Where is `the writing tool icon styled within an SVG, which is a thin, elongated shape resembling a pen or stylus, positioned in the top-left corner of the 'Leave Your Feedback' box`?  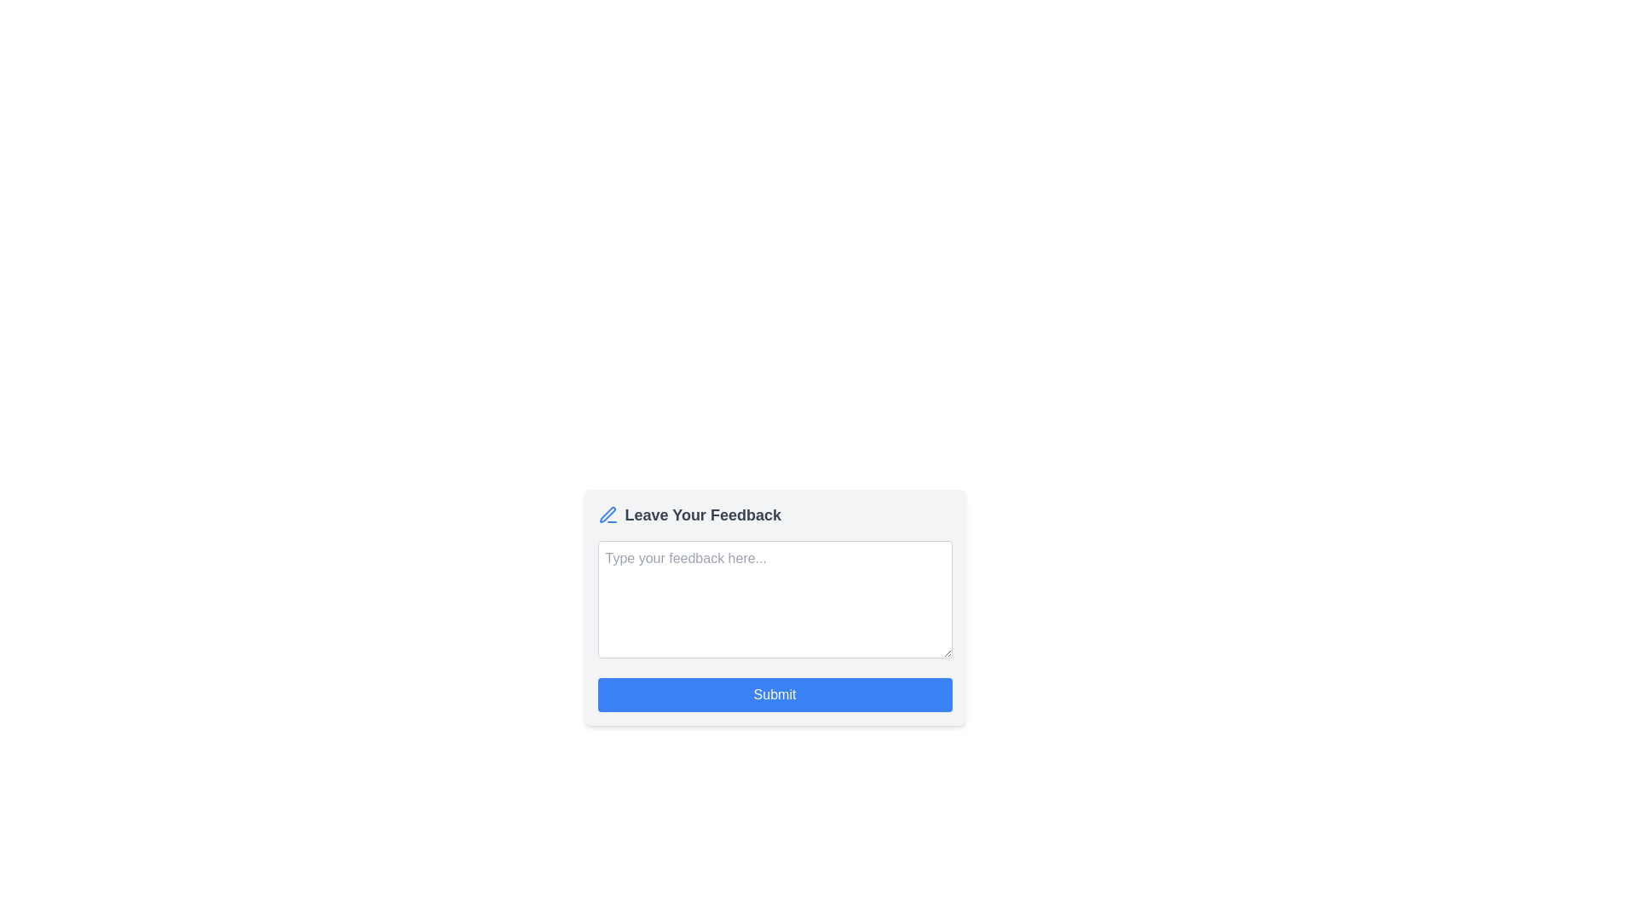 the writing tool icon styled within an SVG, which is a thin, elongated shape resembling a pen or stylus, positioned in the top-left corner of the 'Leave Your Feedback' box is located at coordinates (608, 514).